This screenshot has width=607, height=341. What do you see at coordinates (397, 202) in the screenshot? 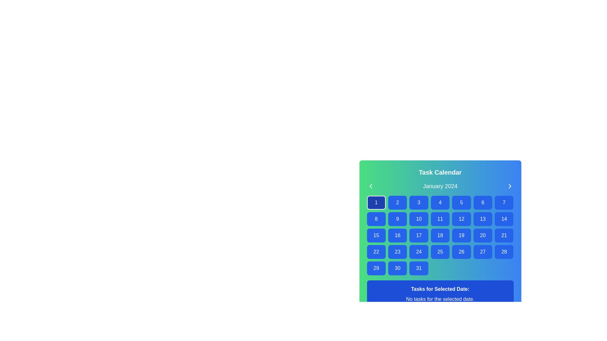
I see `the clickable date selection button for the 2nd day of January 2024` at bounding box center [397, 202].